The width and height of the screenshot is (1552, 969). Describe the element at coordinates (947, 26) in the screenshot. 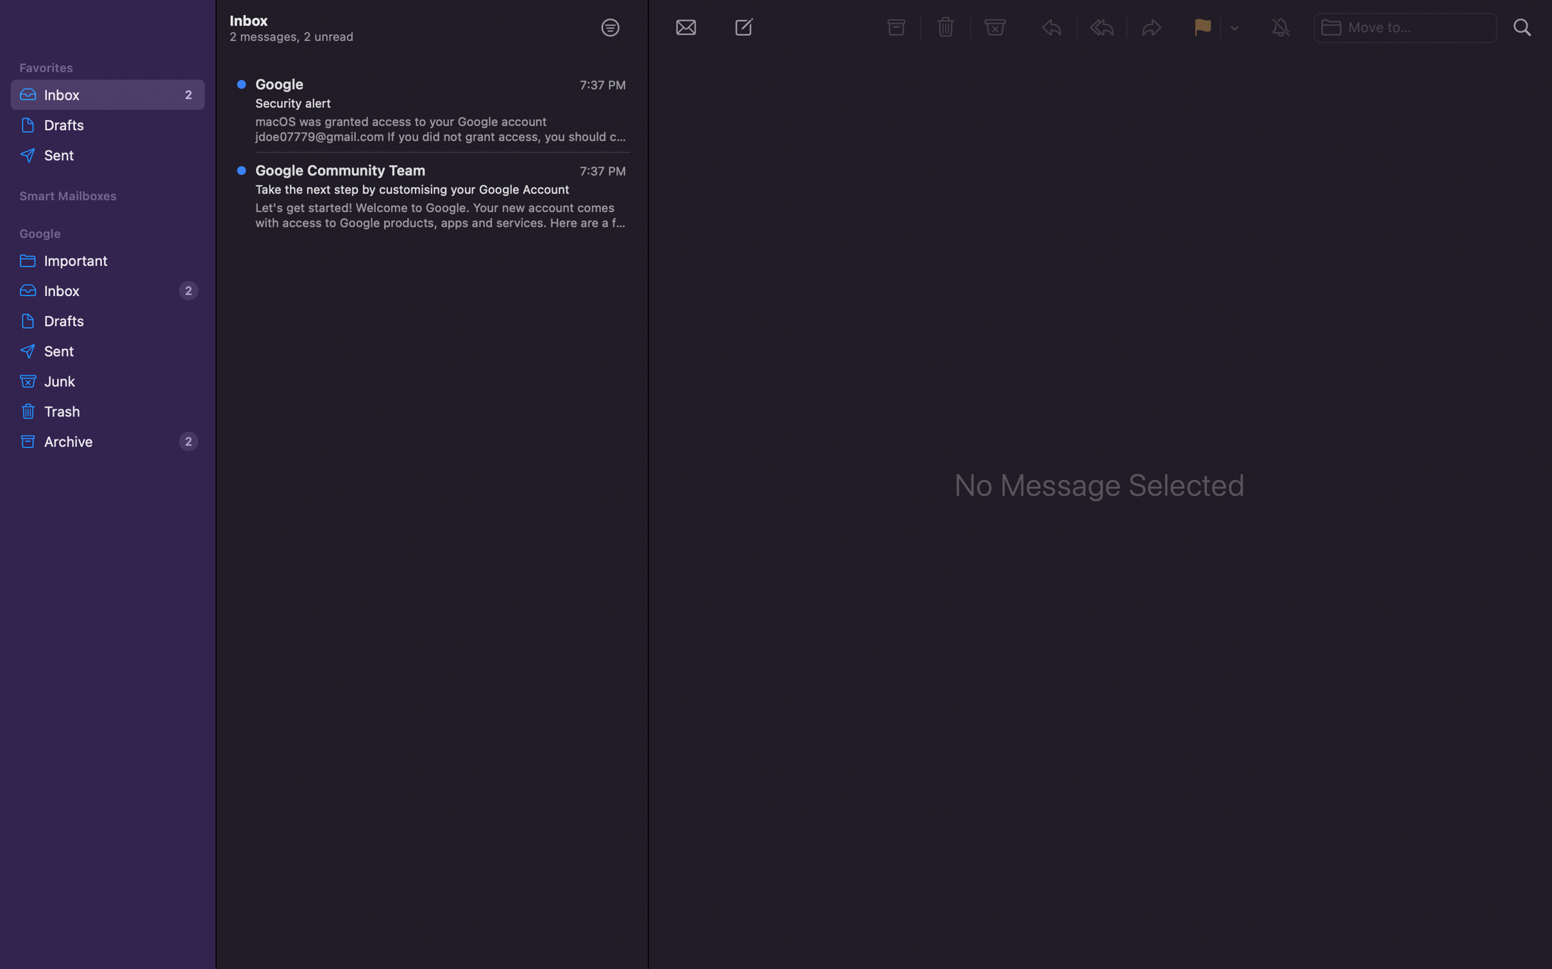

I see `Erase the chosen text message` at that location.